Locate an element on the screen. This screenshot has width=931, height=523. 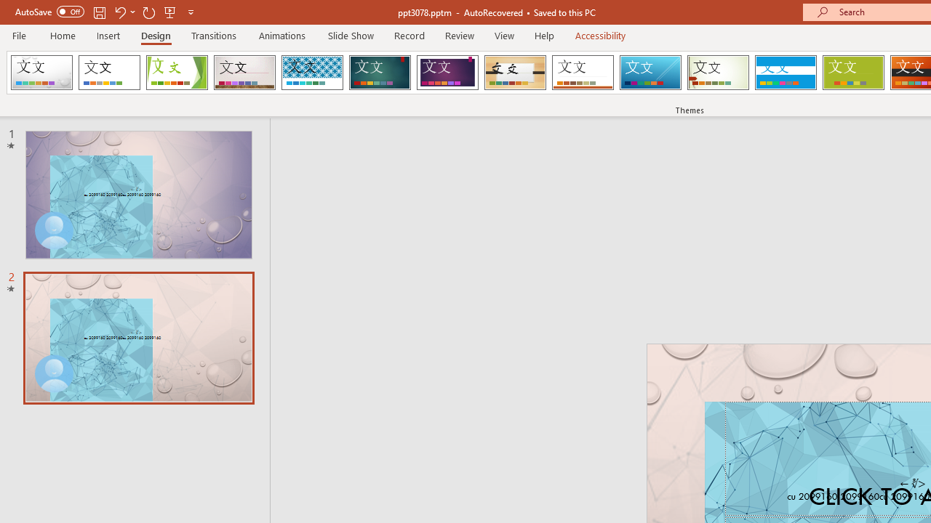
'Ion' is located at coordinates (380, 73).